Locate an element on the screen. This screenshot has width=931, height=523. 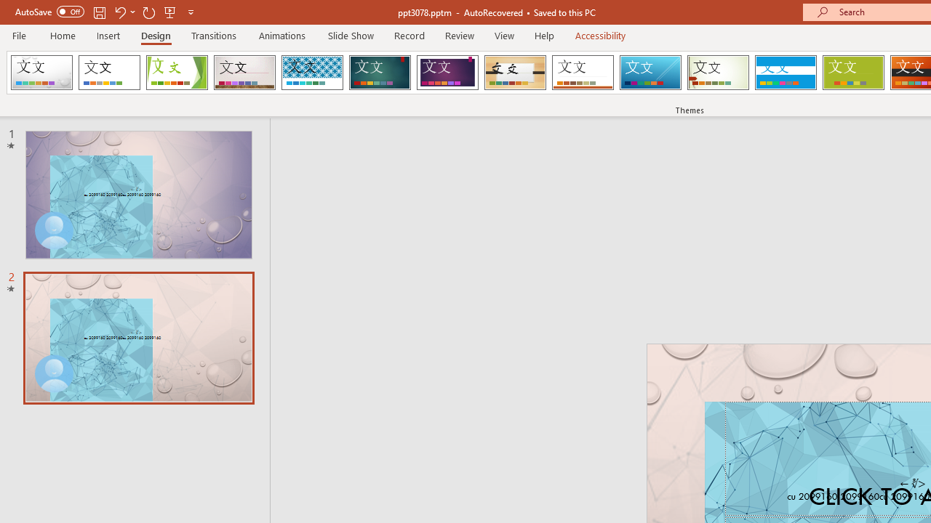
'Ion' is located at coordinates (380, 73).